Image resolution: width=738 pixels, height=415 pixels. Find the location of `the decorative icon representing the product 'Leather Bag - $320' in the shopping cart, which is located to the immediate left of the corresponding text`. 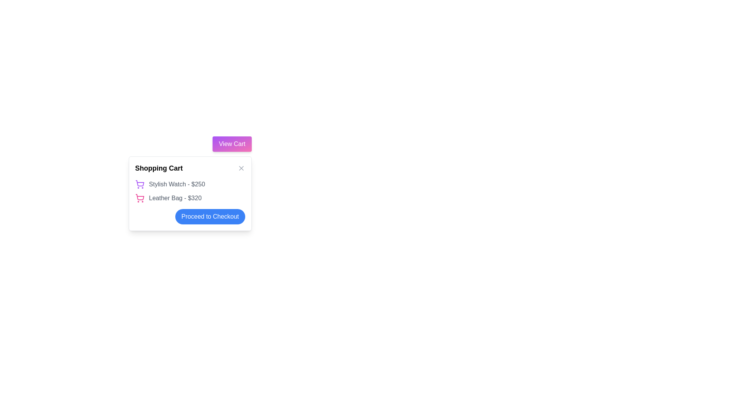

the decorative icon representing the product 'Leather Bag - $320' in the shopping cart, which is located to the immediate left of the corresponding text is located at coordinates (140, 198).